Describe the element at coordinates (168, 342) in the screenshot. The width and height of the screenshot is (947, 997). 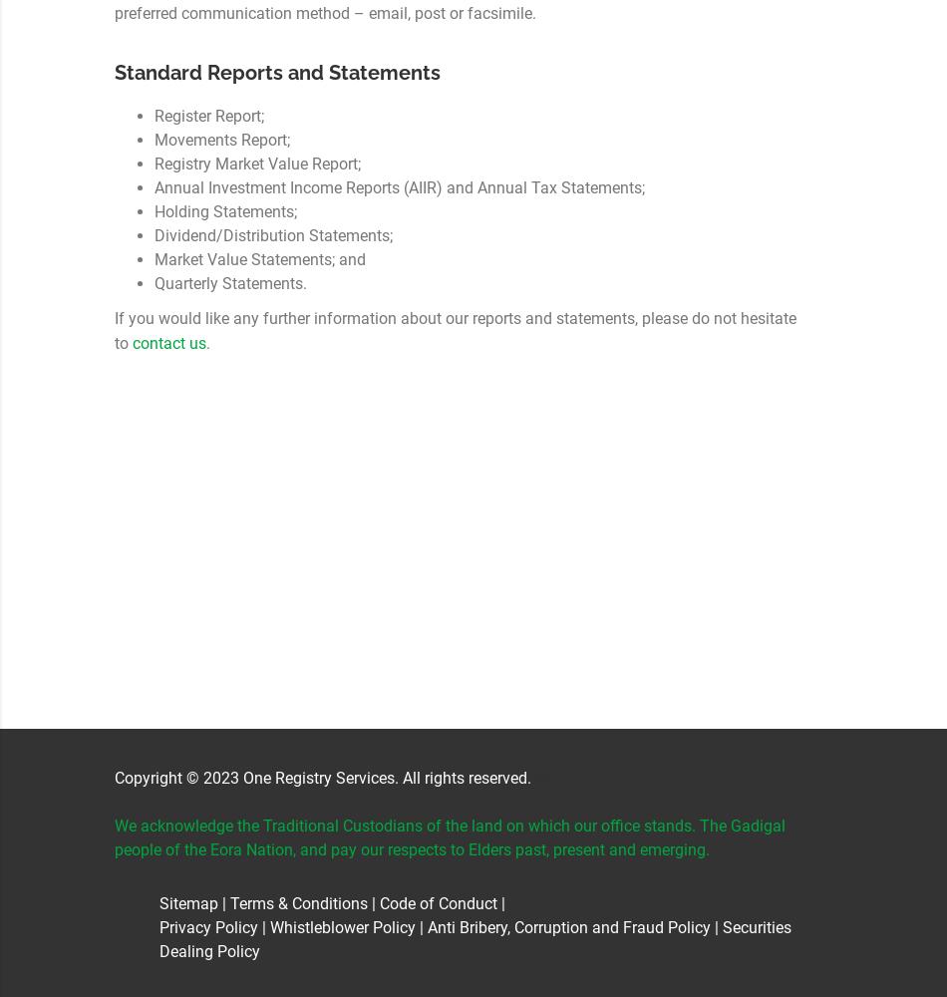
I see `'contact us'` at that location.